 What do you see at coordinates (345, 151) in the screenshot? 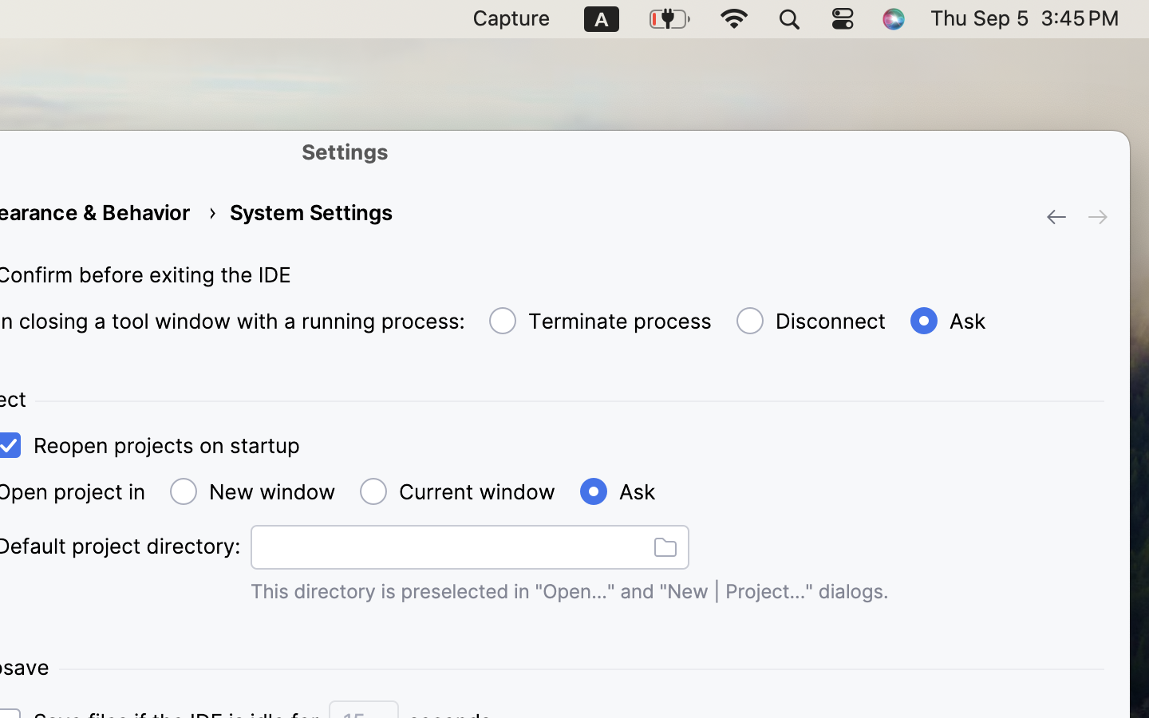
I see `'Settings'` at bounding box center [345, 151].